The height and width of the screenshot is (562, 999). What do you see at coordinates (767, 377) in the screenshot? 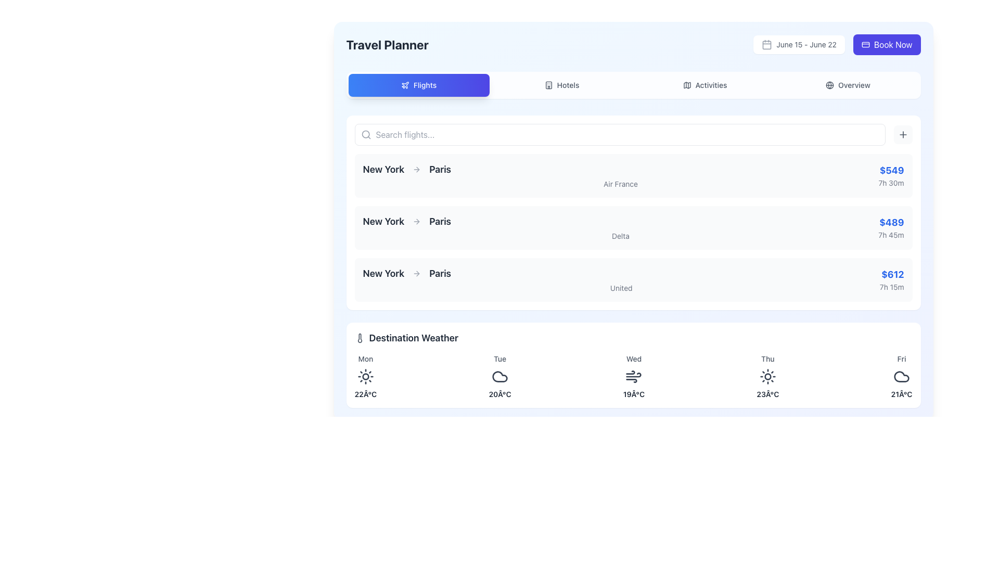
I see `the SVG Circle element representing the sun icon for Thursday in the 'Destination Weather' section` at bounding box center [767, 377].